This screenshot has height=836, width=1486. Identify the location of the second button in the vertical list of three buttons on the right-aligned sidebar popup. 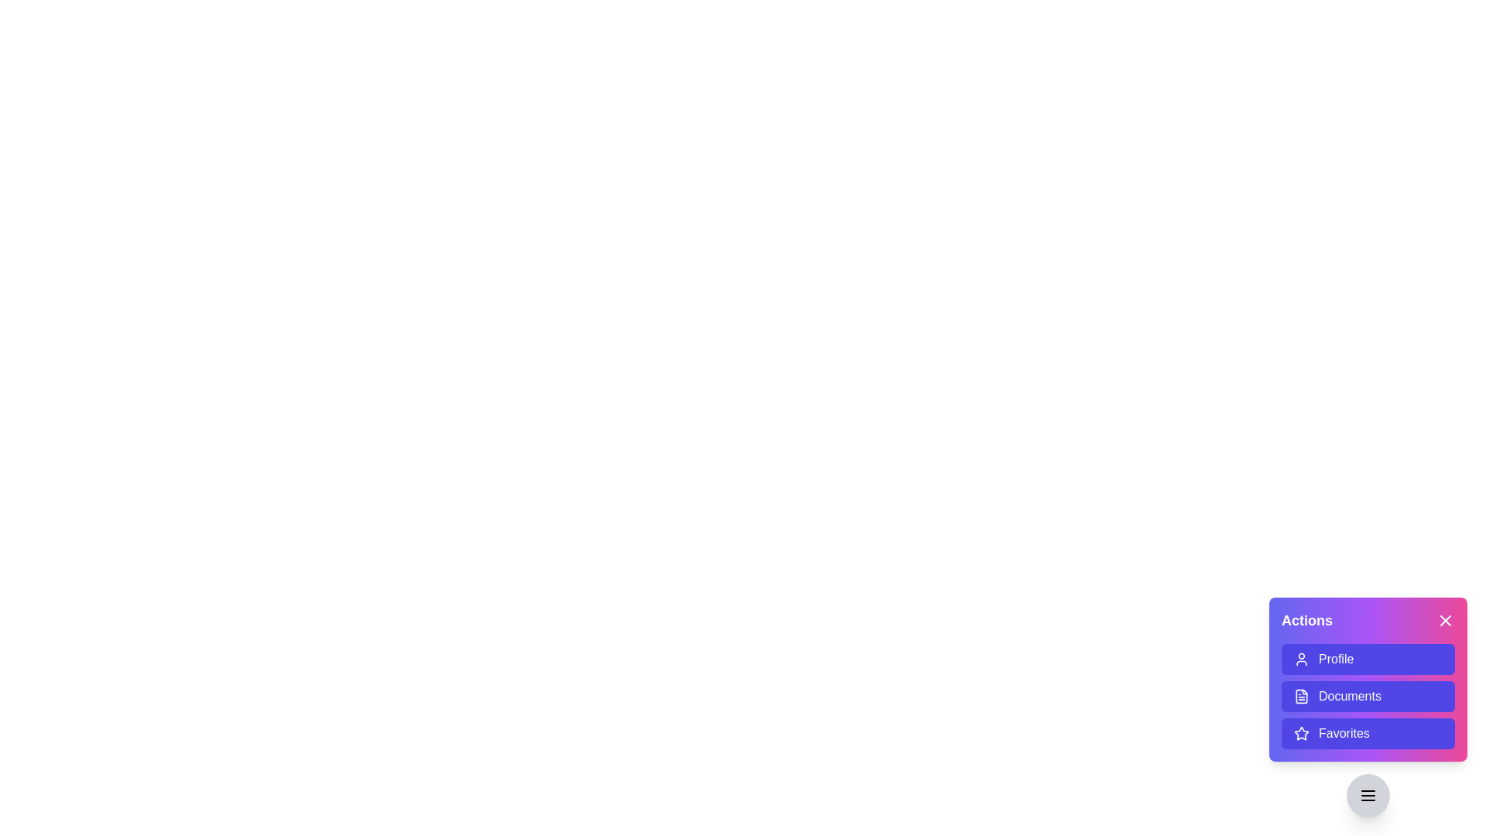
(1368, 695).